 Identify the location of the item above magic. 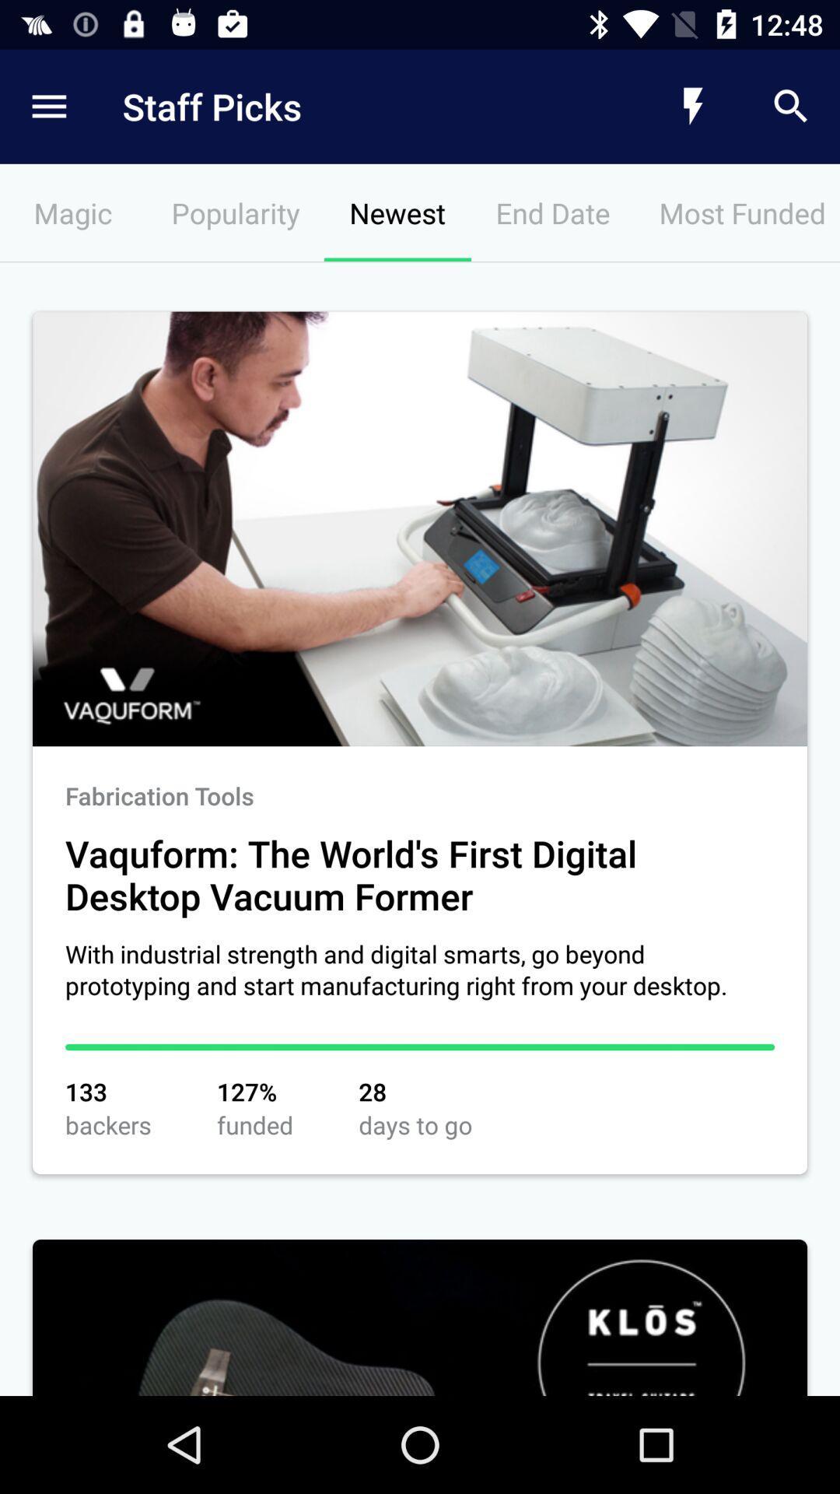
(354, 106).